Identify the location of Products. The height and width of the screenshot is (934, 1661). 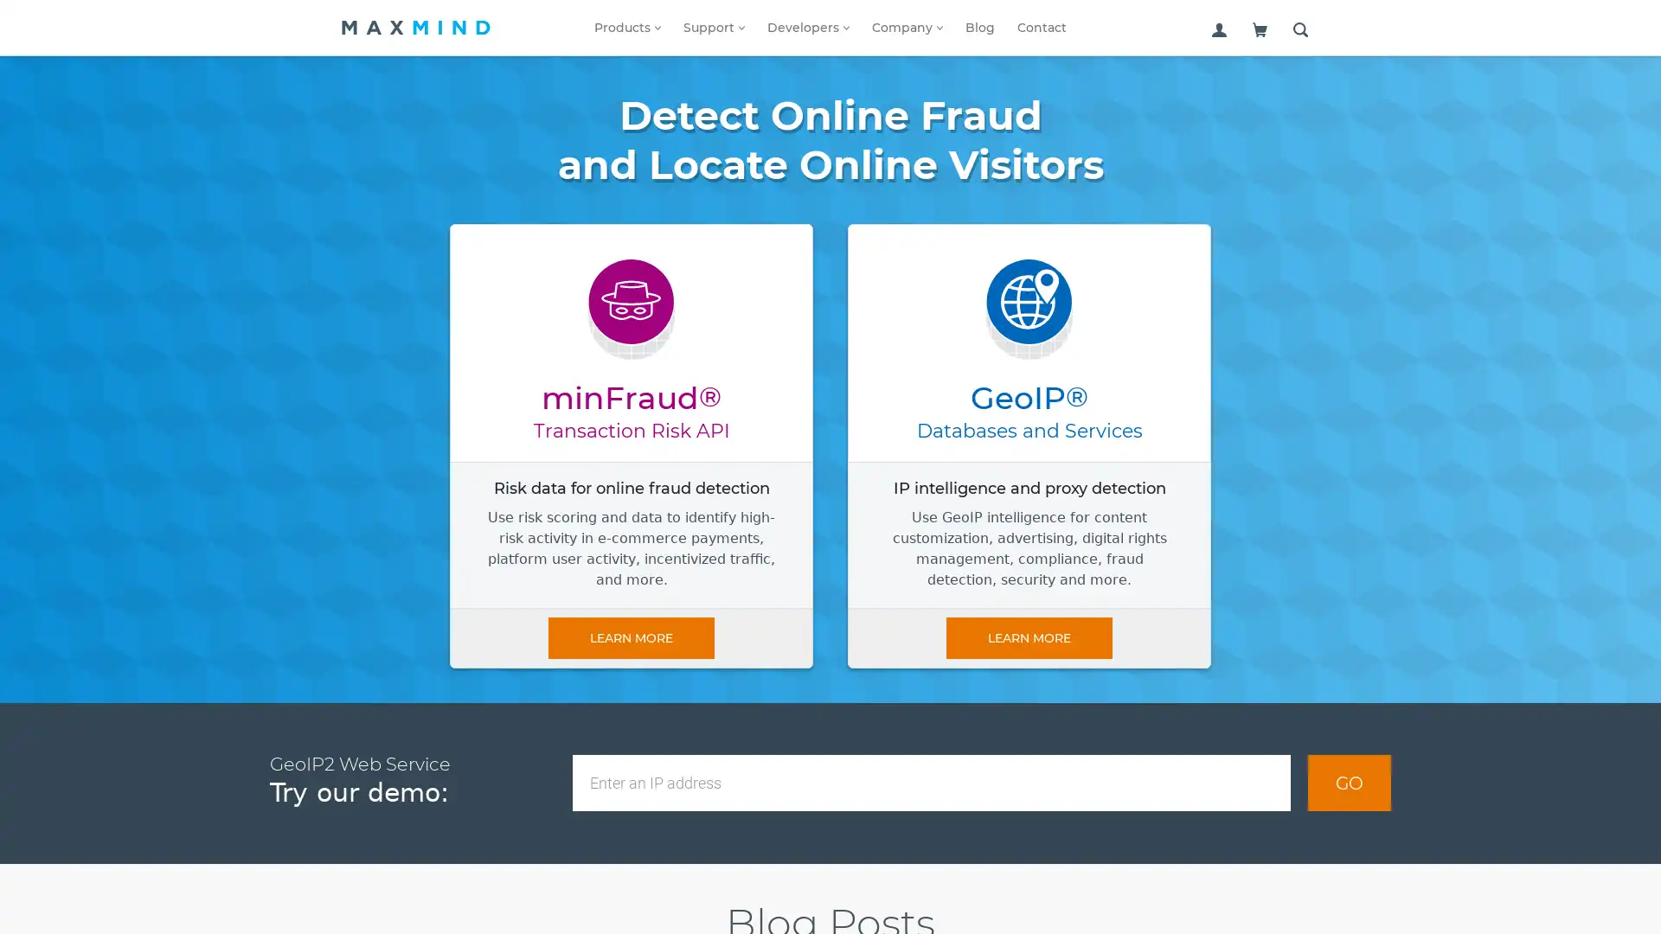
(626, 27).